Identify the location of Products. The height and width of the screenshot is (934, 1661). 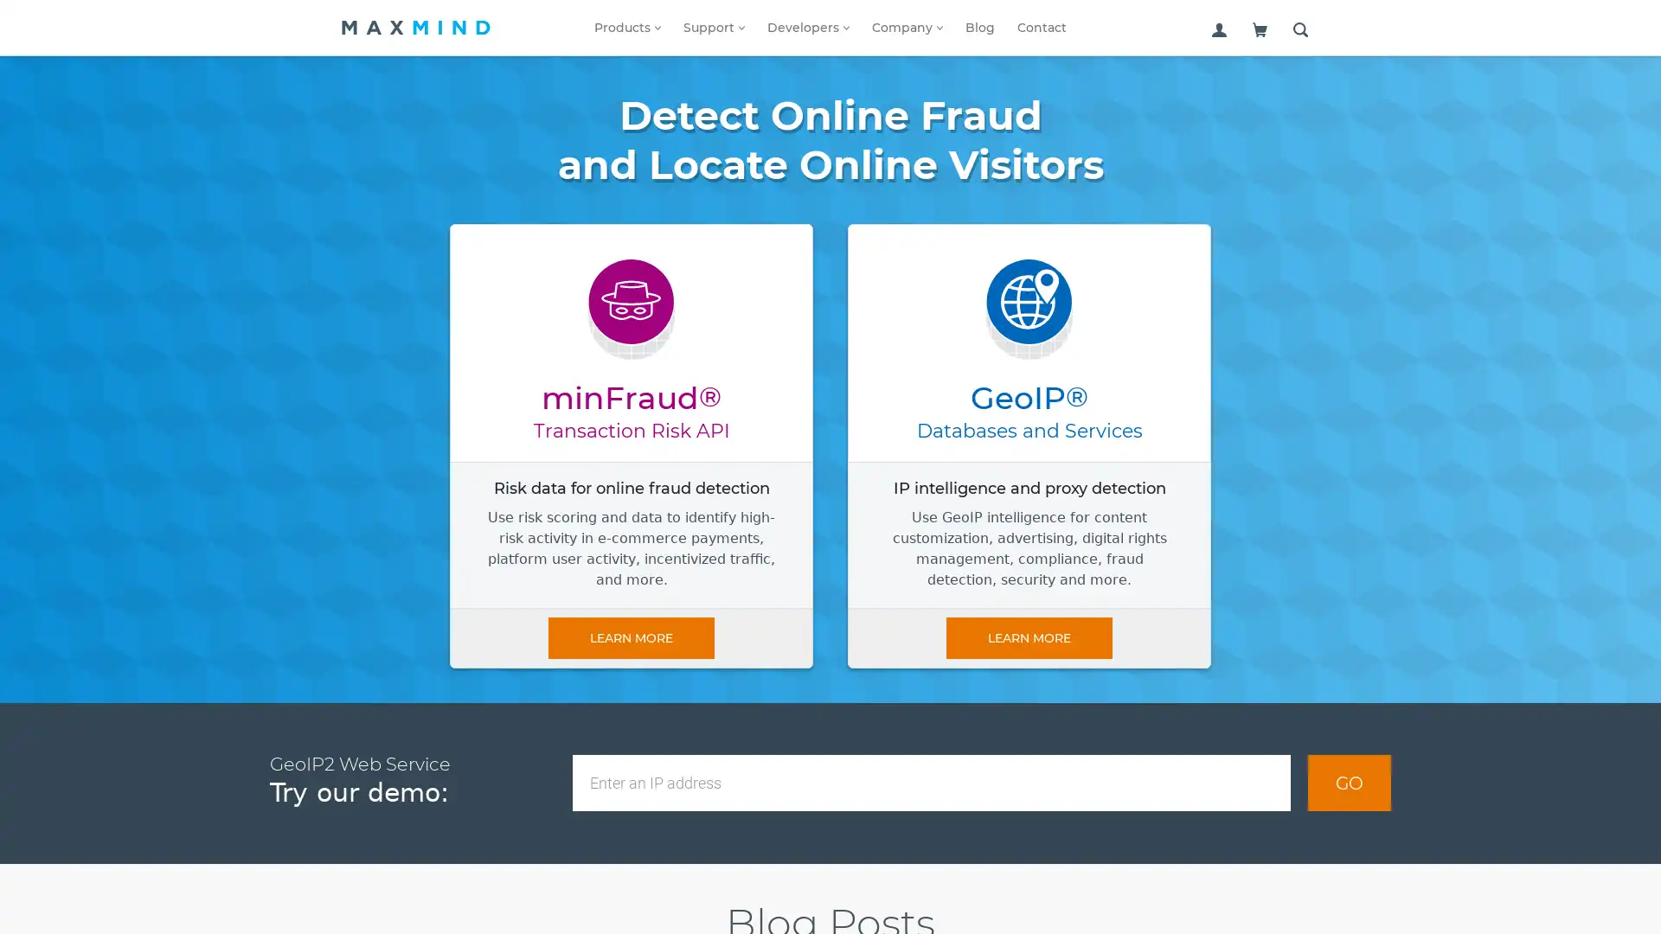
(626, 27).